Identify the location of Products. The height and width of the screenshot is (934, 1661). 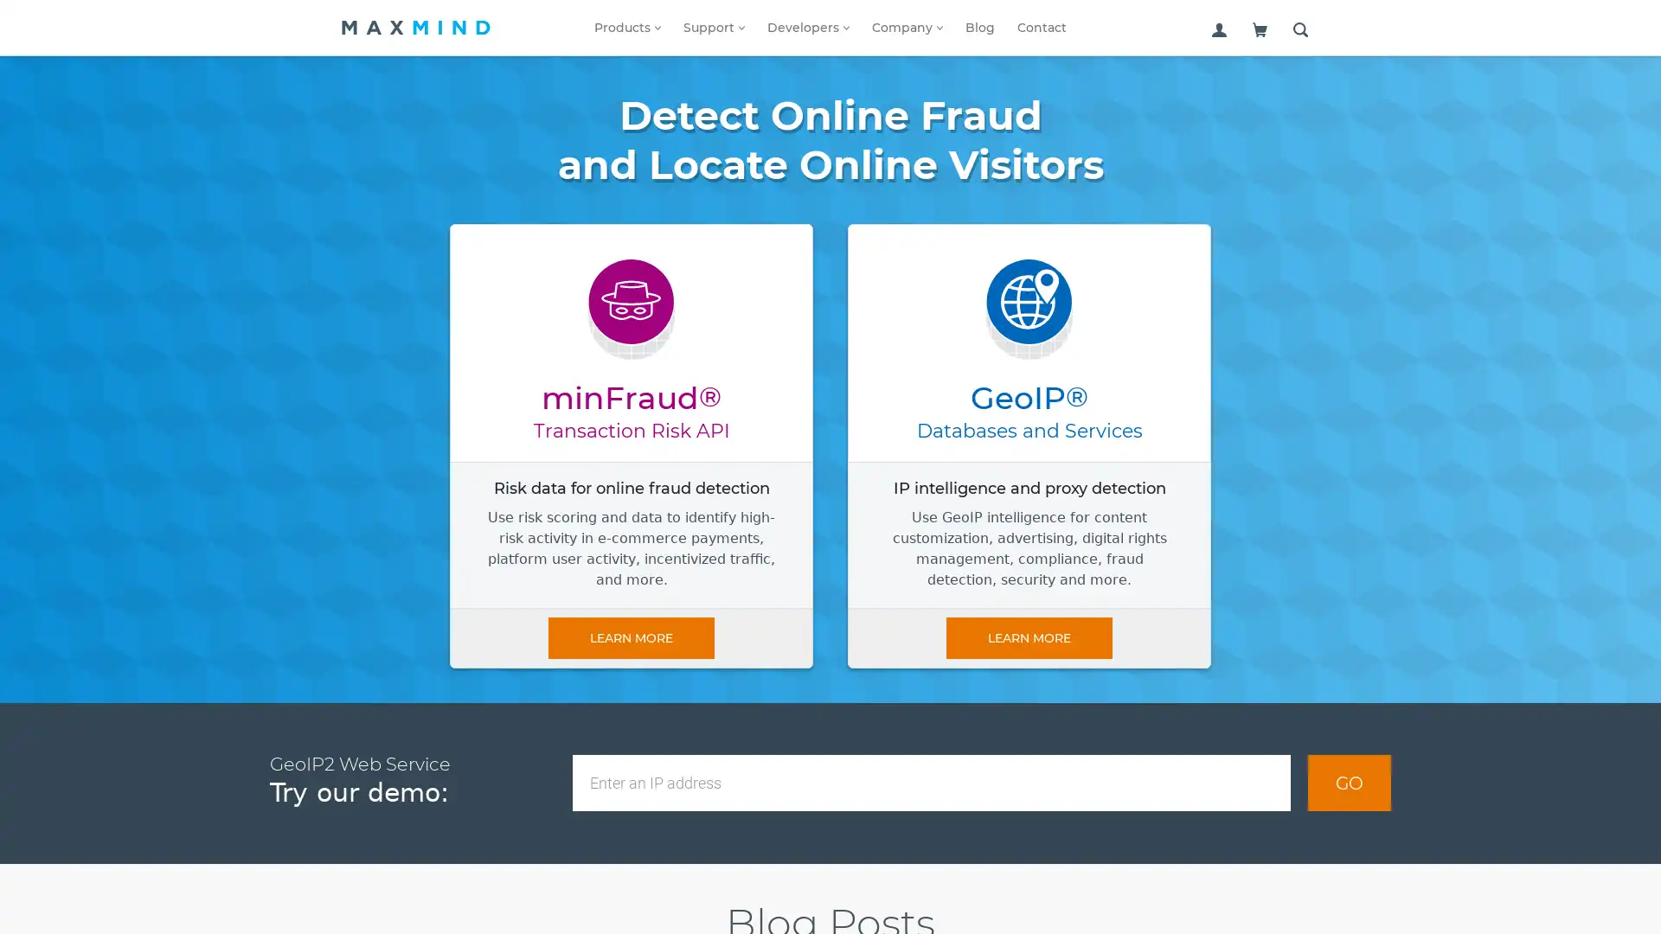
(626, 27).